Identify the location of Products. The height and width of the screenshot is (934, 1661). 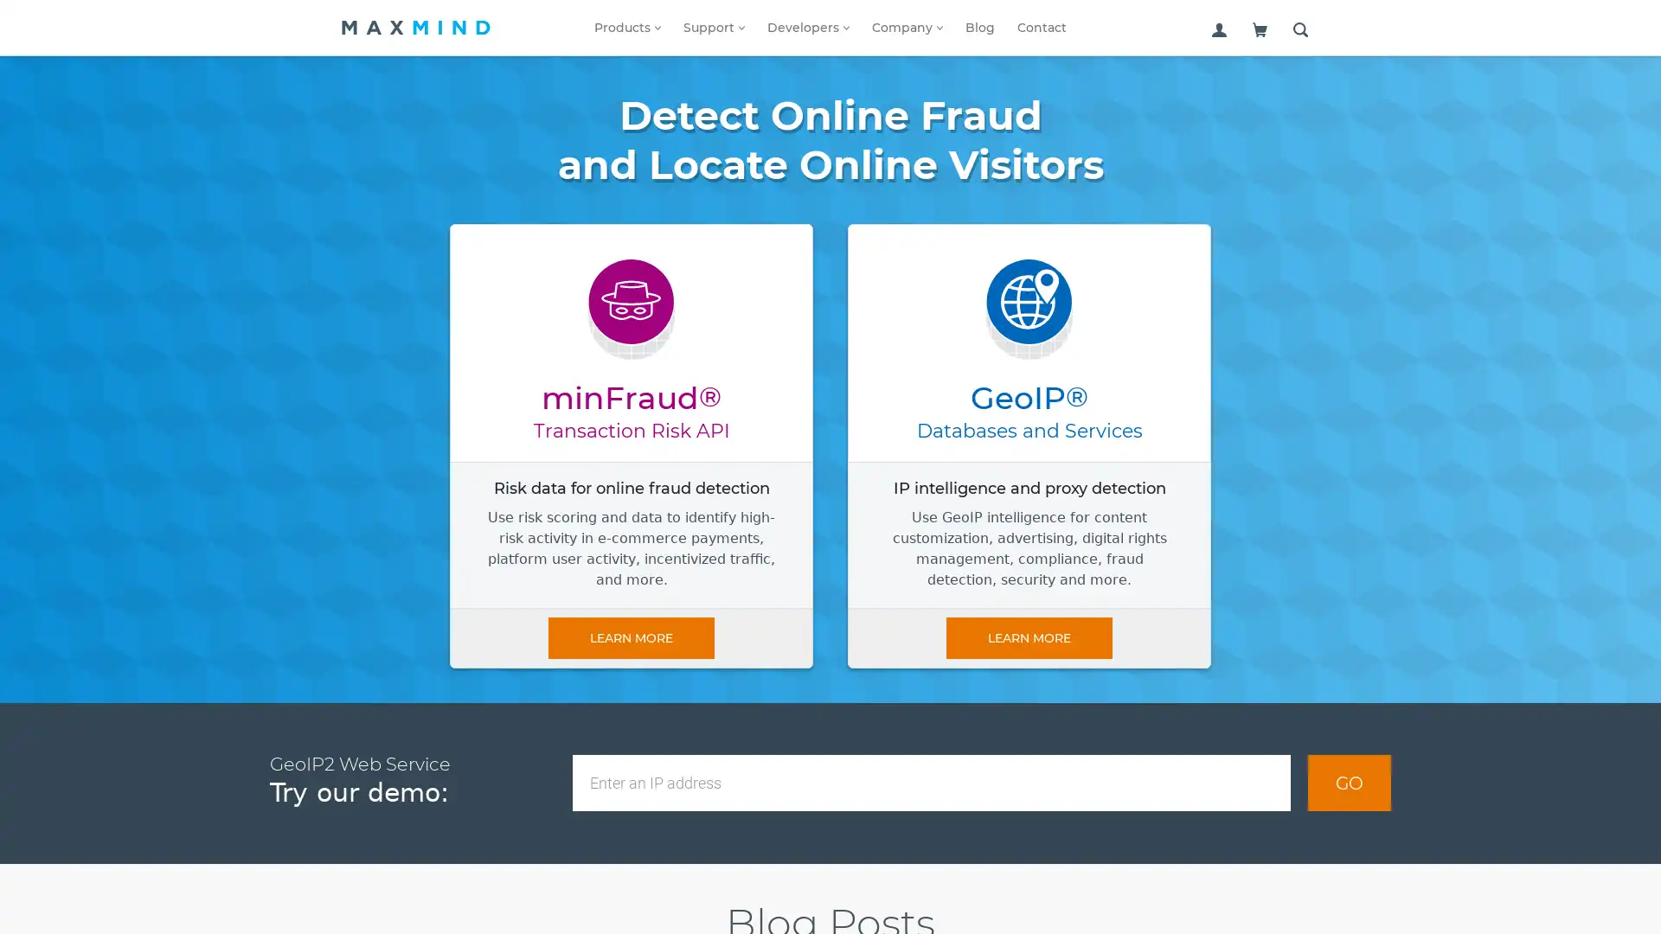
(626, 27).